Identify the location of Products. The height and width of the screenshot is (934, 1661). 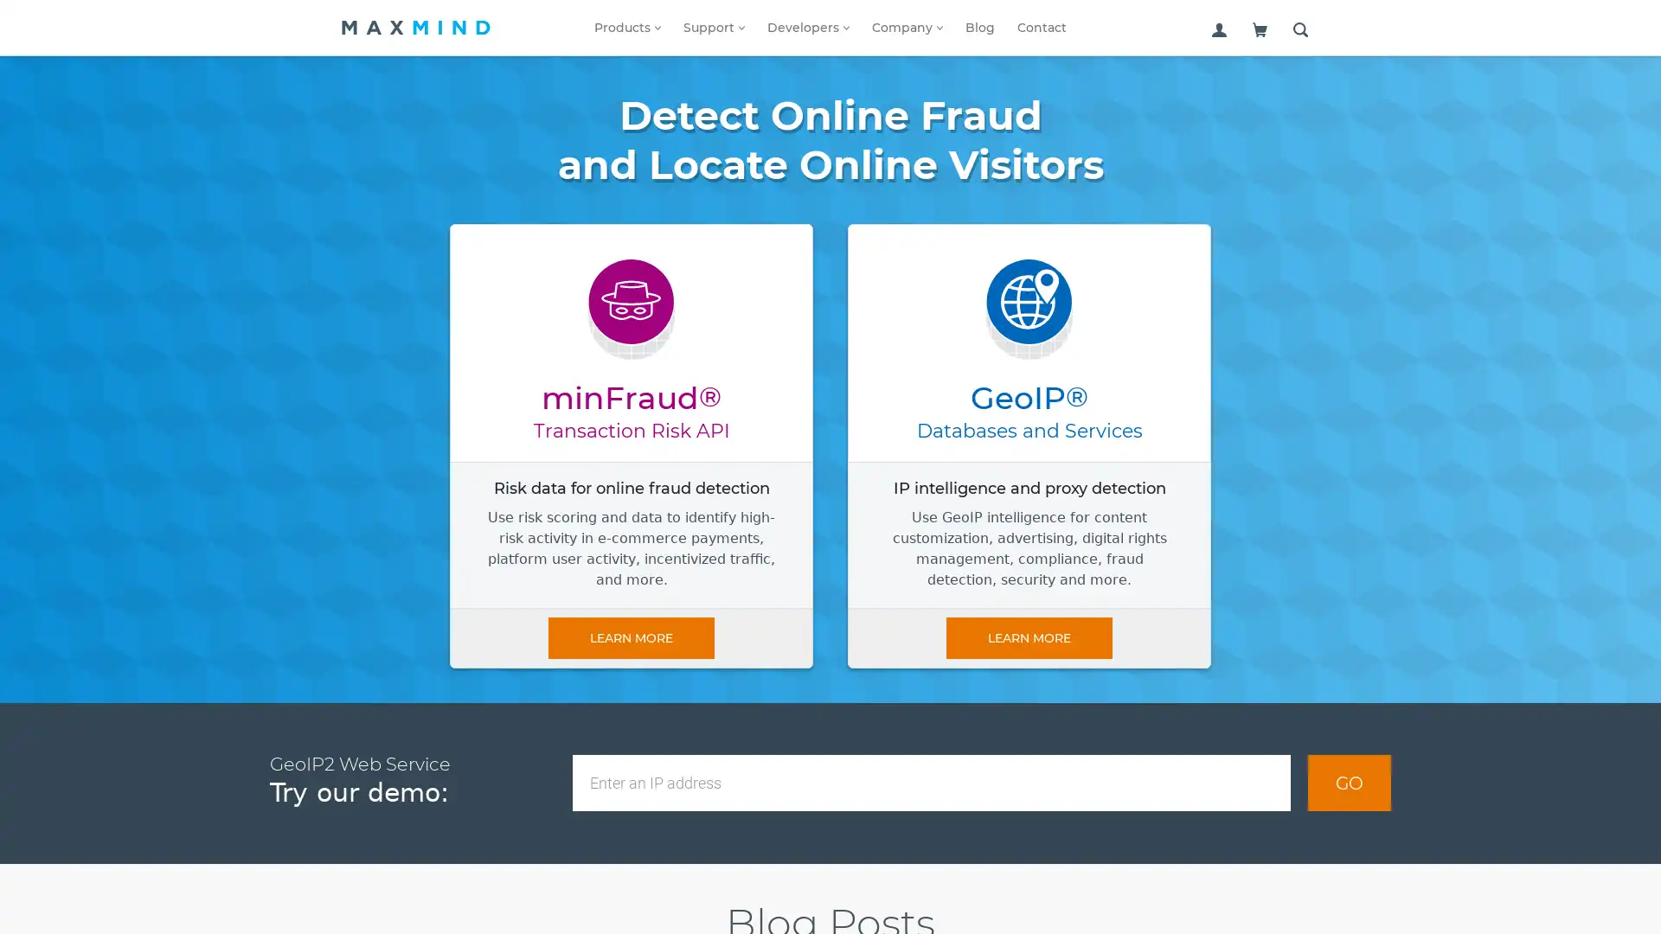
(626, 27).